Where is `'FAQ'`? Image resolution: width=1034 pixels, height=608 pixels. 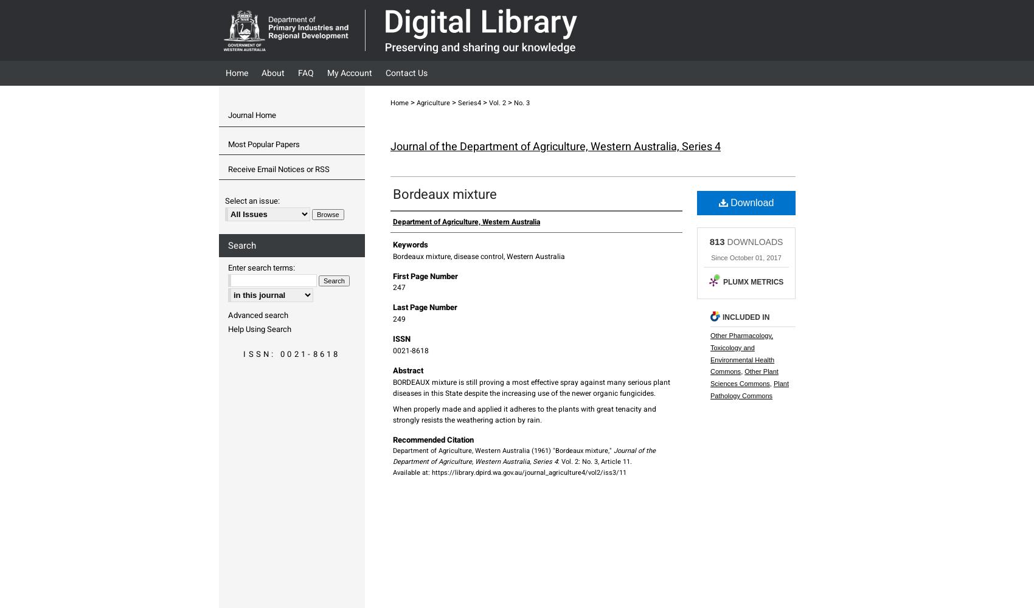 'FAQ' is located at coordinates (297, 72).